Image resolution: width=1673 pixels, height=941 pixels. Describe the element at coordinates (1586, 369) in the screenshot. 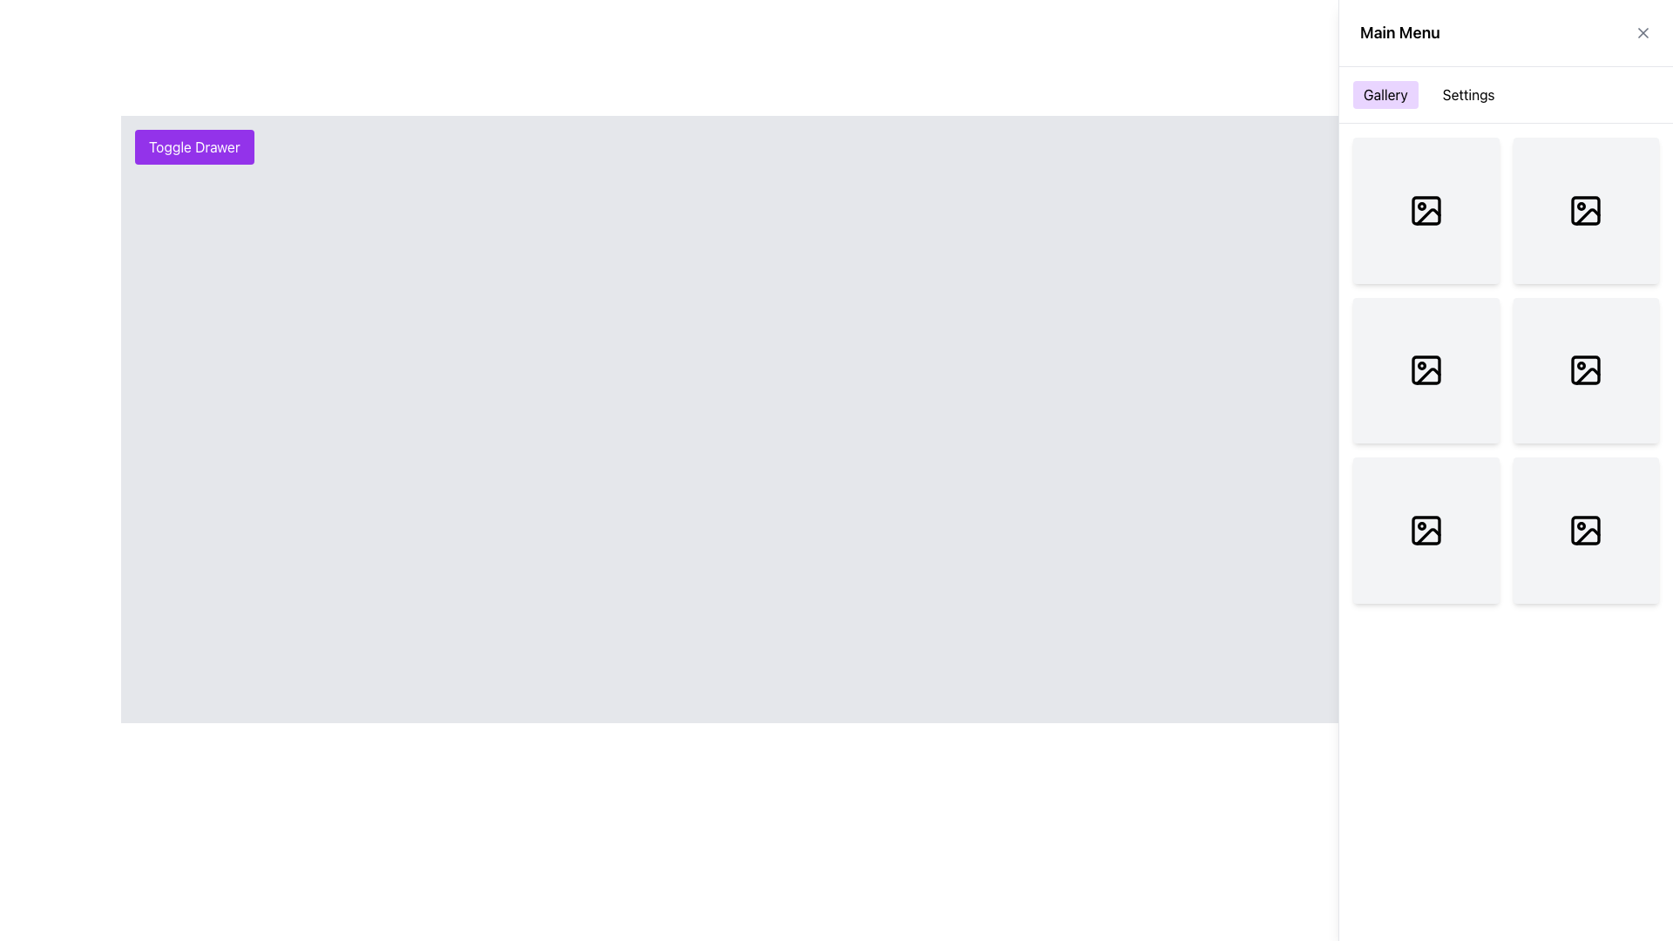

I see `the icon resembling an image placeholder located in the bottom-right cell of a 2x3 grid, which has rounded edges, a small circle in one corner, and a diagonal line connecting the circle to the opposite corner` at that location.